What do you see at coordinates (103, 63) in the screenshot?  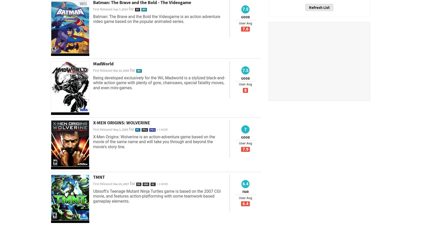 I see `'MadWorld'` at bounding box center [103, 63].